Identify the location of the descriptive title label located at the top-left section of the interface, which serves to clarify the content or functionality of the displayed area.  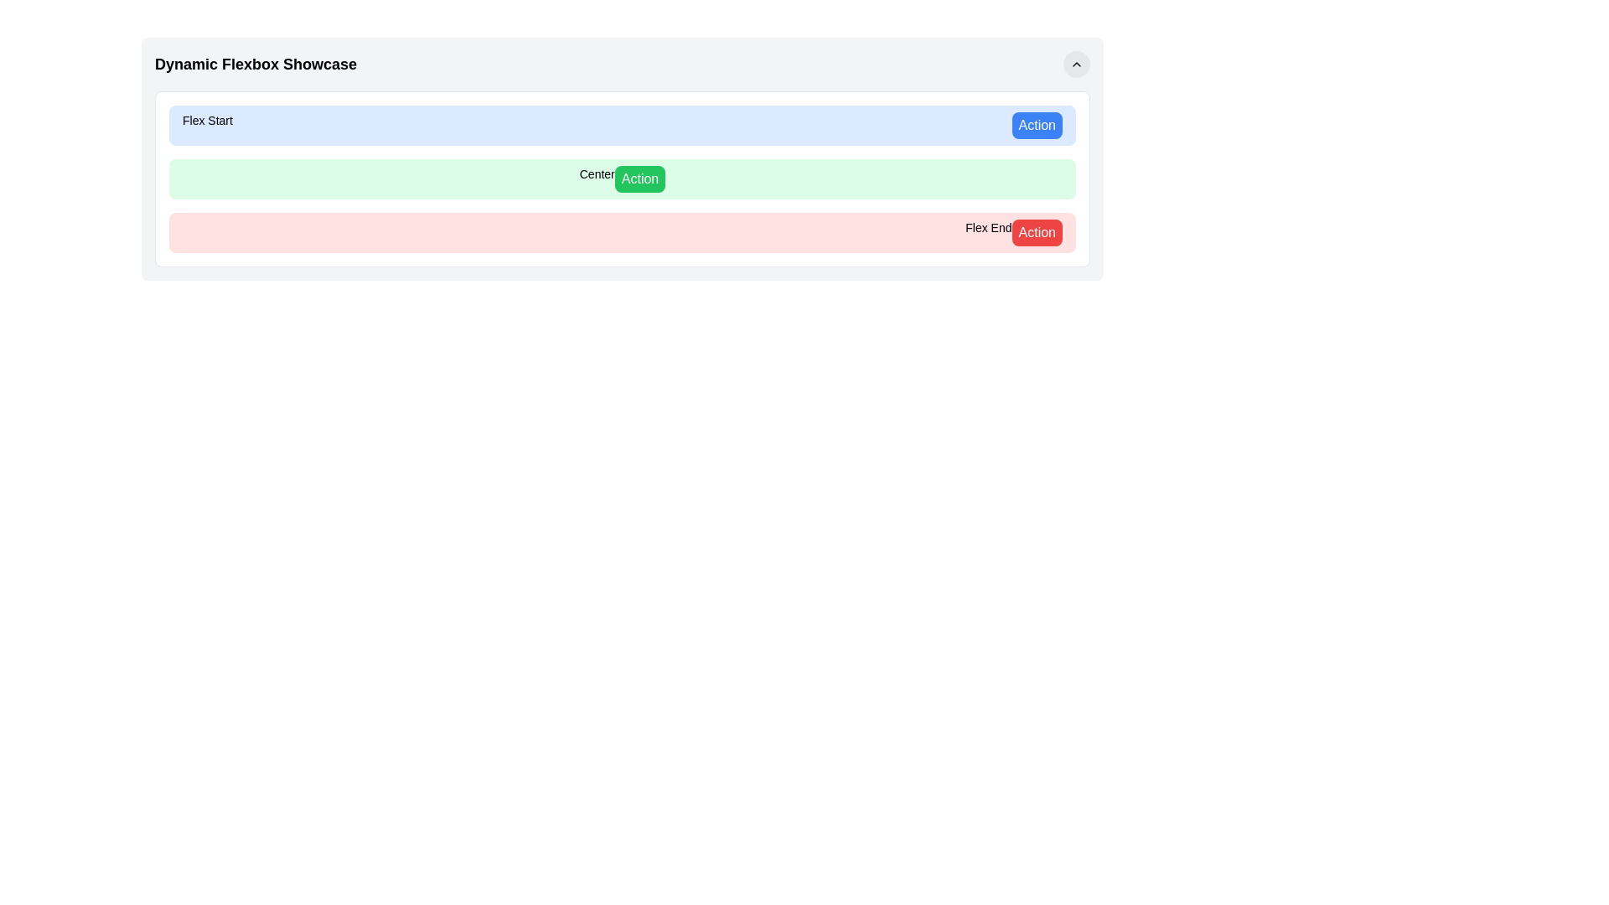
(255, 64).